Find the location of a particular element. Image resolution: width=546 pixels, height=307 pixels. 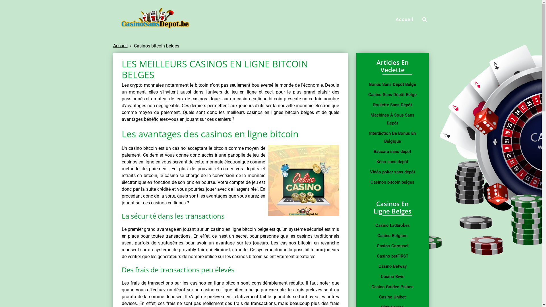

'Accueil' is located at coordinates (120, 45).